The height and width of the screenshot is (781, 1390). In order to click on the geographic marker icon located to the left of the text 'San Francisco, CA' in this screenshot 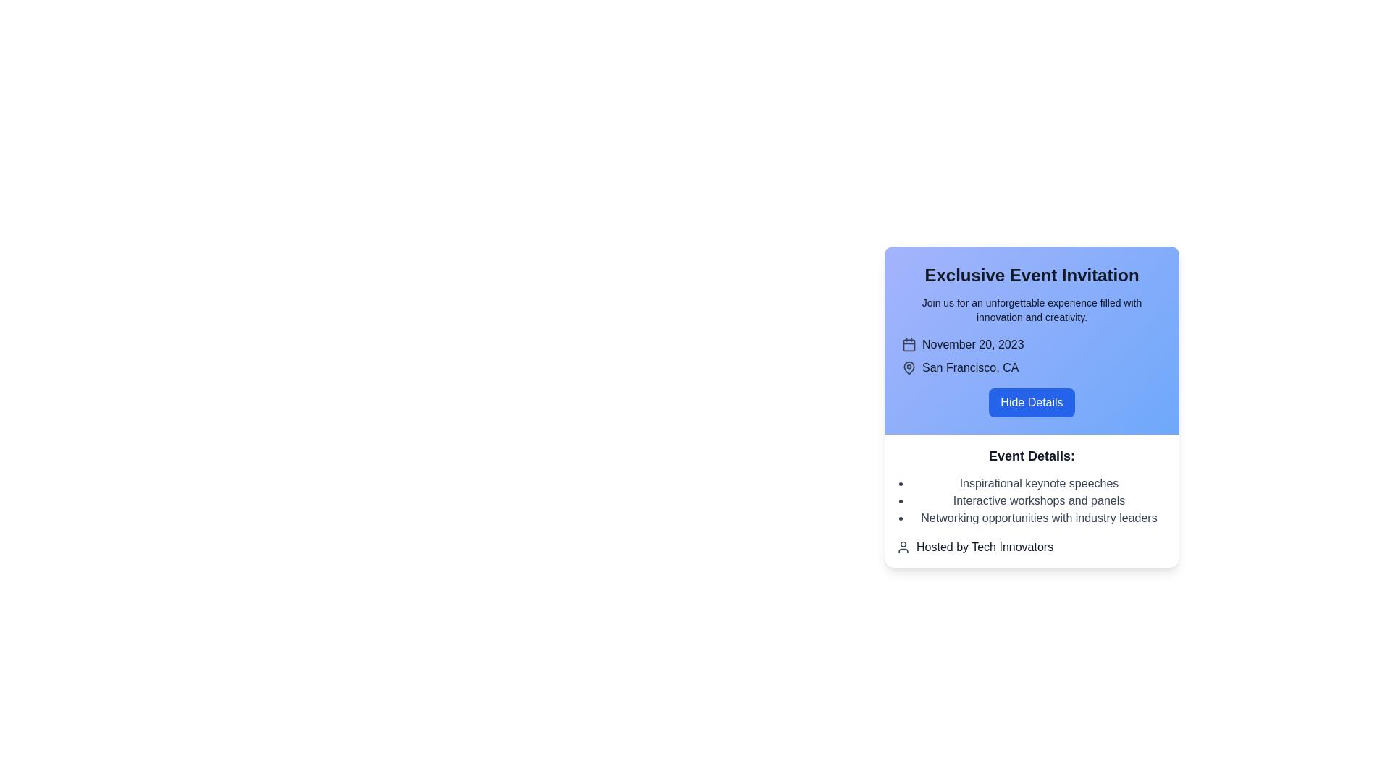, I will do `click(909, 367)`.